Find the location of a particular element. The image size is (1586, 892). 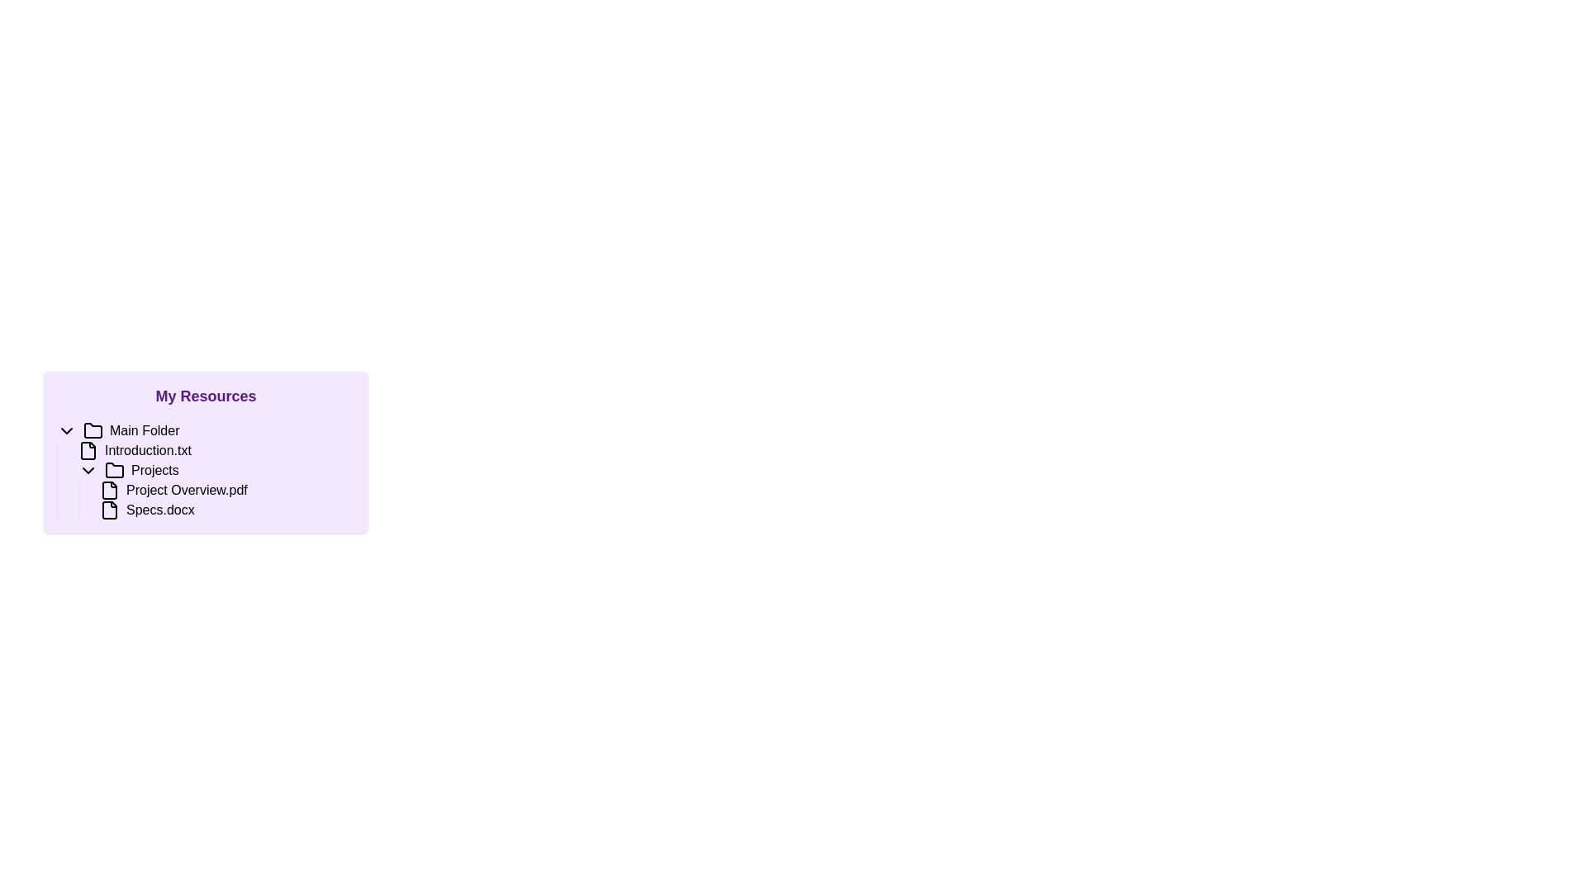

the icon representing the document 'Introduction.txt' located in the 'My Resources' folder is located at coordinates (87, 451).